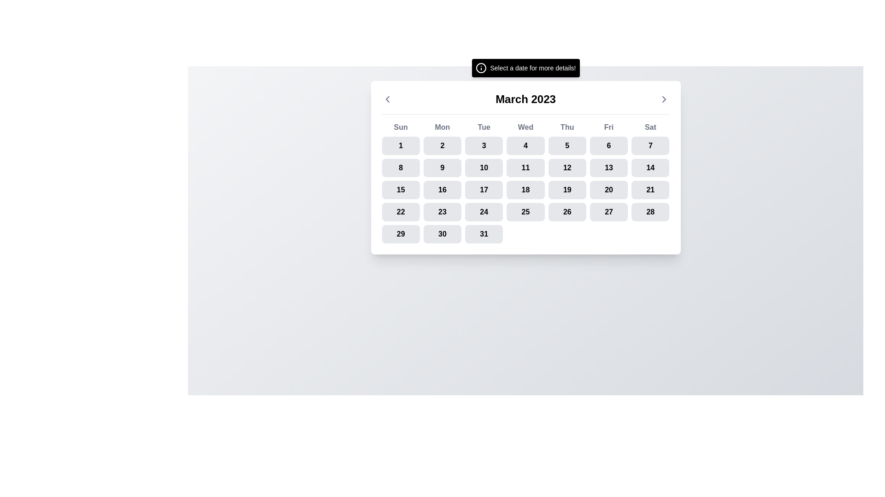 The image size is (885, 497). Describe the element at coordinates (480, 67) in the screenshot. I see `the small circular icon with a minimalistic 'i' symbol, located at the left end of the grouping that includes the text 'Select a date for more details!', for cues about its function` at that location.